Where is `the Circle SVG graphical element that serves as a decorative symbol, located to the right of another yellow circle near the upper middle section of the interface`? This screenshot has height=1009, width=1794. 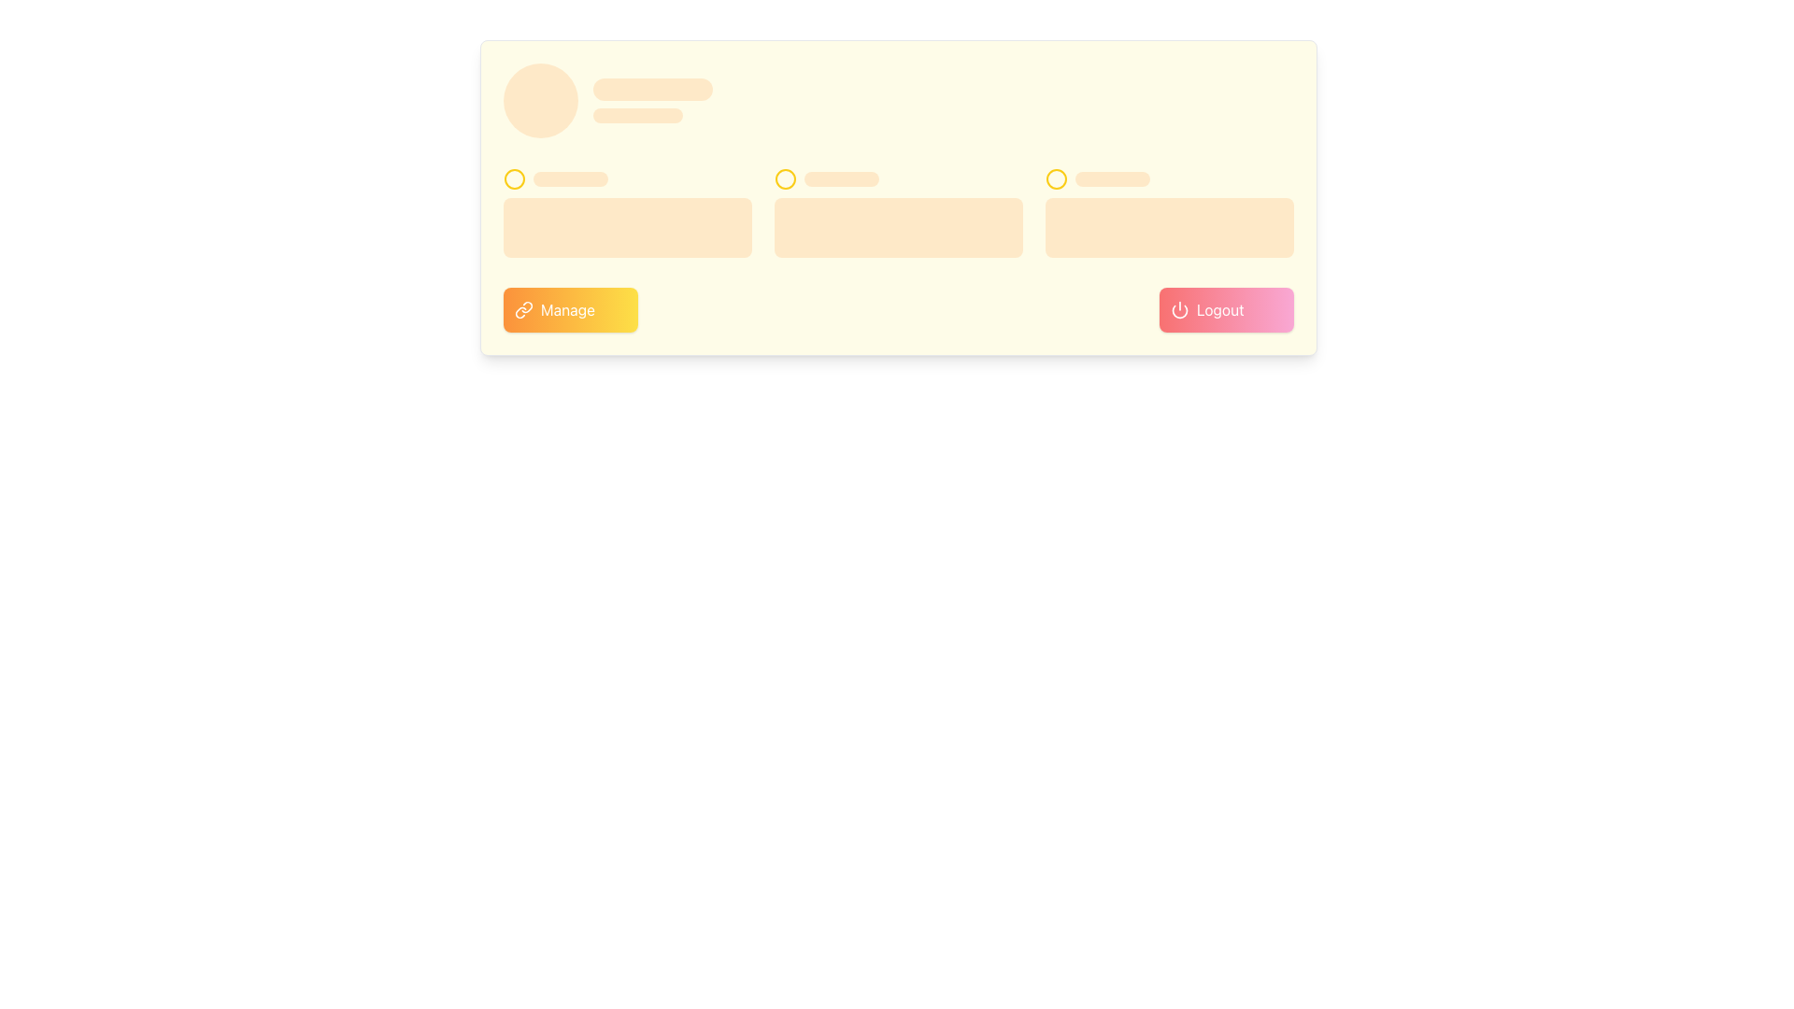 the Circle SVG graphical element that serves as a decorative symbol, located to the right of another yellow circle near the upper middle section of the interface is located at coordinates (1057, 179).